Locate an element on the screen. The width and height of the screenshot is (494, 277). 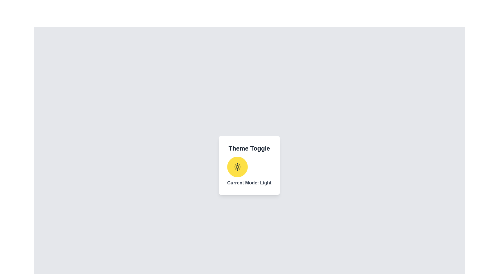
the mode toggle button to switch the mode is located at coordinates (237, 167).